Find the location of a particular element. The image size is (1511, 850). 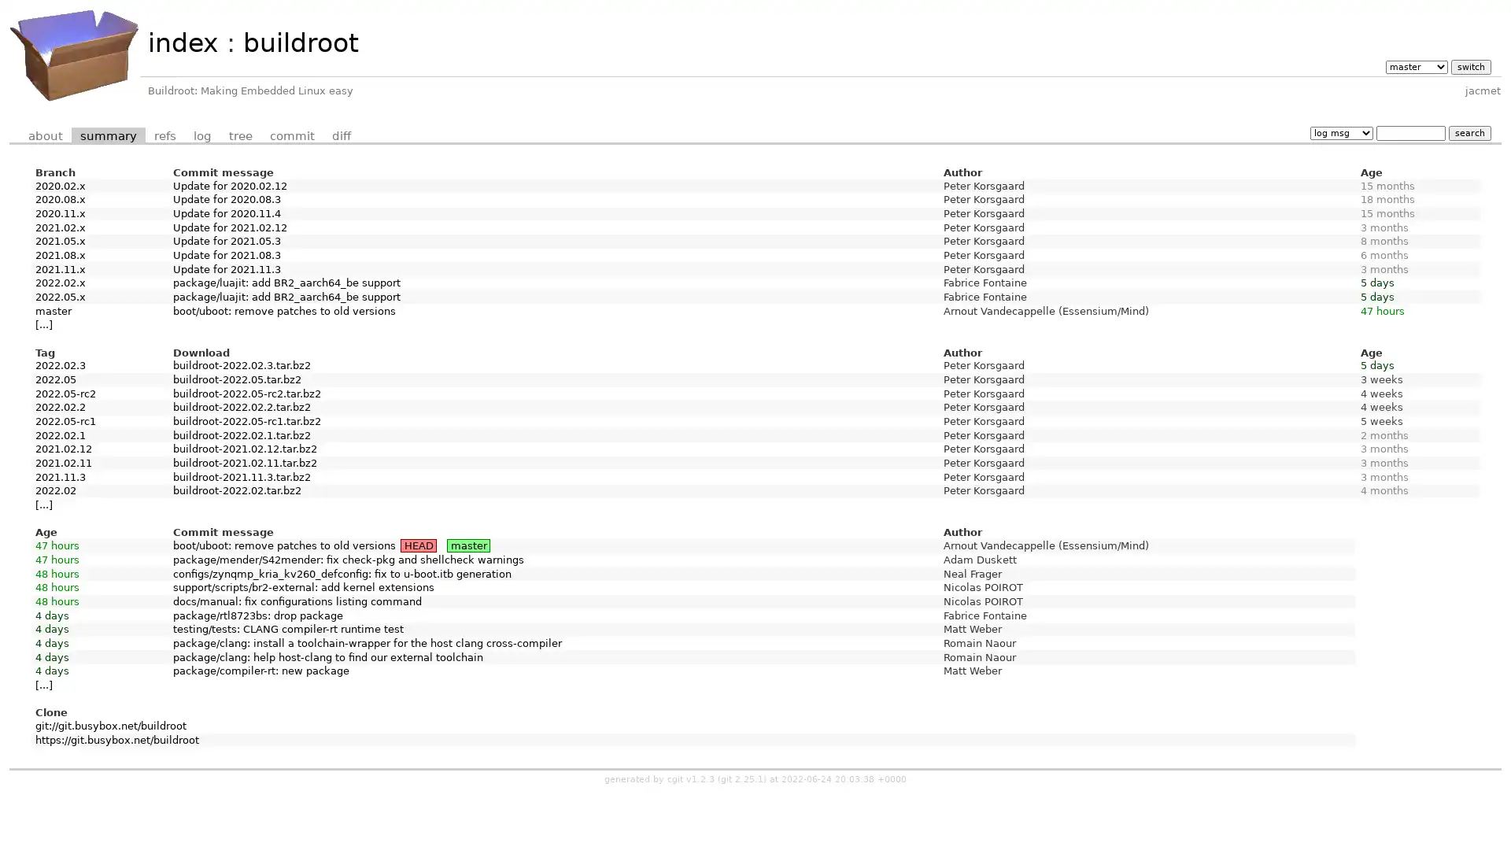

switch is located at coordinates (1469, 65).